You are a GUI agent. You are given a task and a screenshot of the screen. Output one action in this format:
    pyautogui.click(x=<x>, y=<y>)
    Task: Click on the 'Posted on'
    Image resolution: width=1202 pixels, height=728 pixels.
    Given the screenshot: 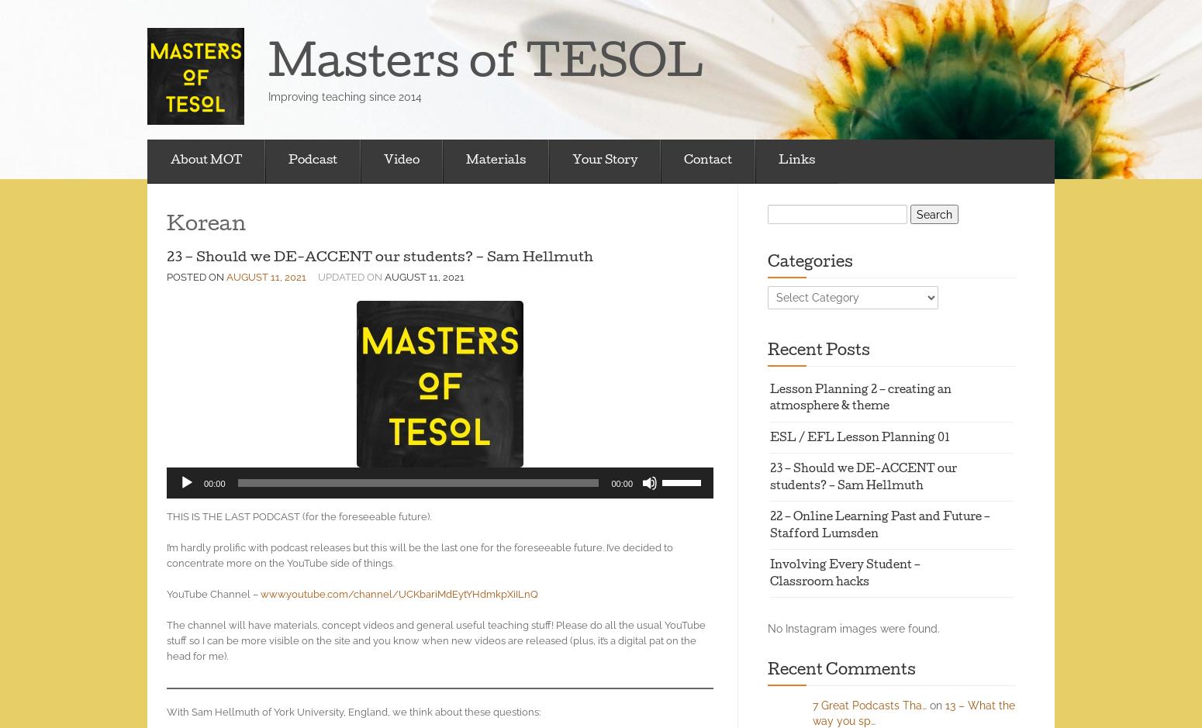 What is the action you would take?
    pyautogui.click(x=196, y=276)
    